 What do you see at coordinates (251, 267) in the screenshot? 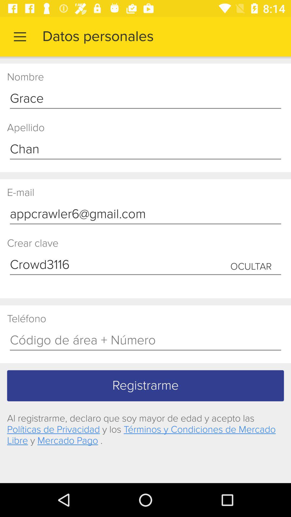
I see `icon to the right of the crear clave` at bounding box center [251, 267].